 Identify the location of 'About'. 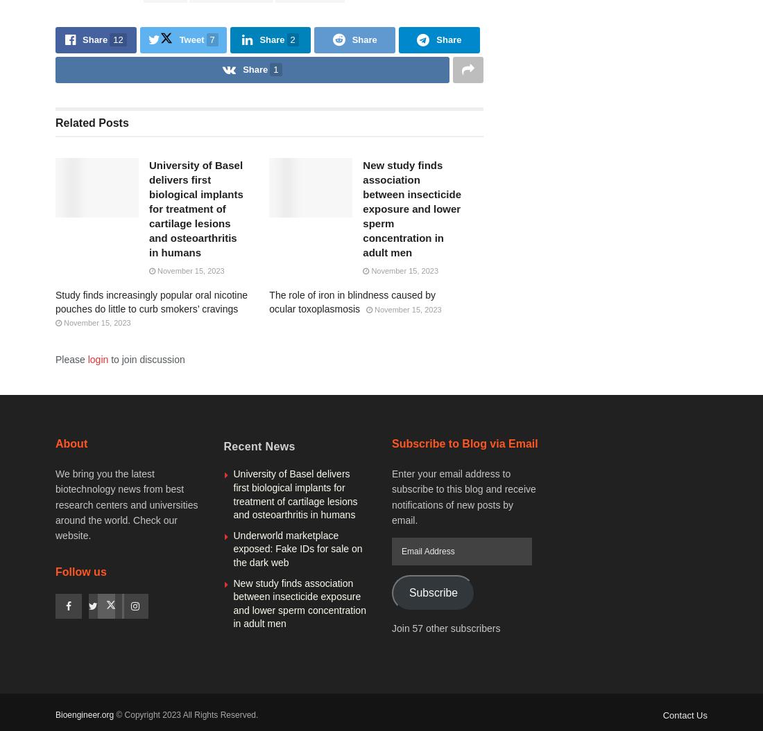
(71, 443).